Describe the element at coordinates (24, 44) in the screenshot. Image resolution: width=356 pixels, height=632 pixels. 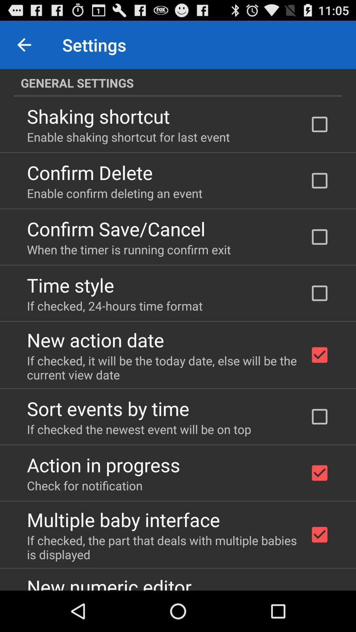
I see `item to the left of the settings item` at that location.